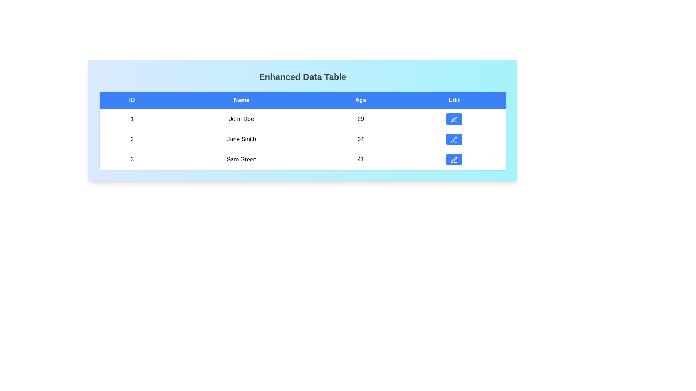 The width and height of the screenshot is (696, 391). I want to click on the row corresponding to 1, so click(303, 118).